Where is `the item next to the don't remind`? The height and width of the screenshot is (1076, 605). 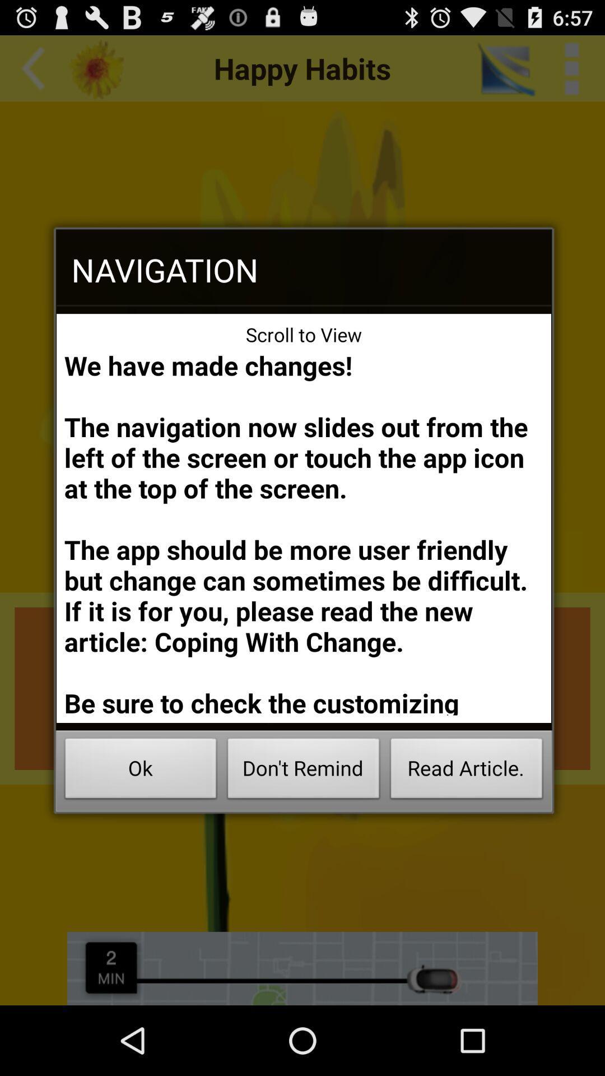
the item next to the don't remind is located at coordinates (140, 771).